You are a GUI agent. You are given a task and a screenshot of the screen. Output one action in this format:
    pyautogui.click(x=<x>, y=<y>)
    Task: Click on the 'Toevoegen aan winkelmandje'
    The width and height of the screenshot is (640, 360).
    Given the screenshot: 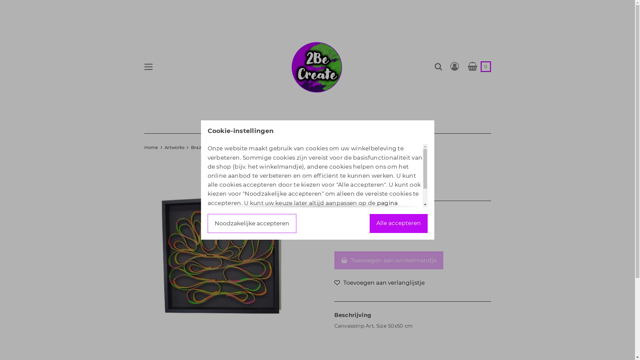 What is the action you would take?
    pyautogui.click(x=388, y=260)
    